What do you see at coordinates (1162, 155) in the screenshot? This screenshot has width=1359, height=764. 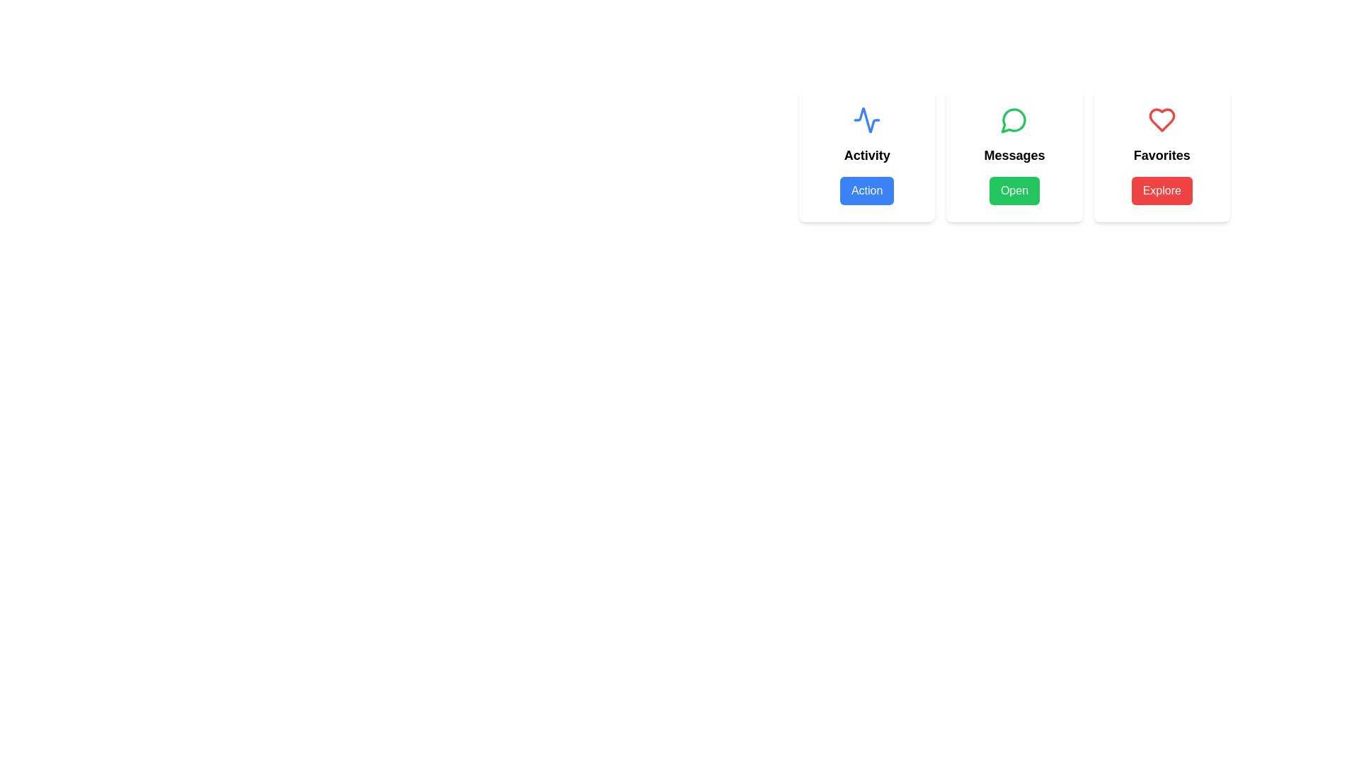 I see `the 'Favorites' text label which is styled in bold and larger size, located below a heart-shaped icon and above the 'Explore' button` at bounding box center [1162, 155].